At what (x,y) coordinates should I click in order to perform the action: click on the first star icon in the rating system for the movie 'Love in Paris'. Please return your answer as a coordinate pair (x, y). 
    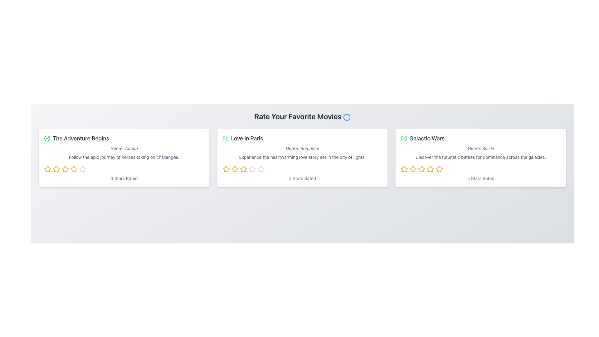
    Looking at the image, I should click on (234, 169).